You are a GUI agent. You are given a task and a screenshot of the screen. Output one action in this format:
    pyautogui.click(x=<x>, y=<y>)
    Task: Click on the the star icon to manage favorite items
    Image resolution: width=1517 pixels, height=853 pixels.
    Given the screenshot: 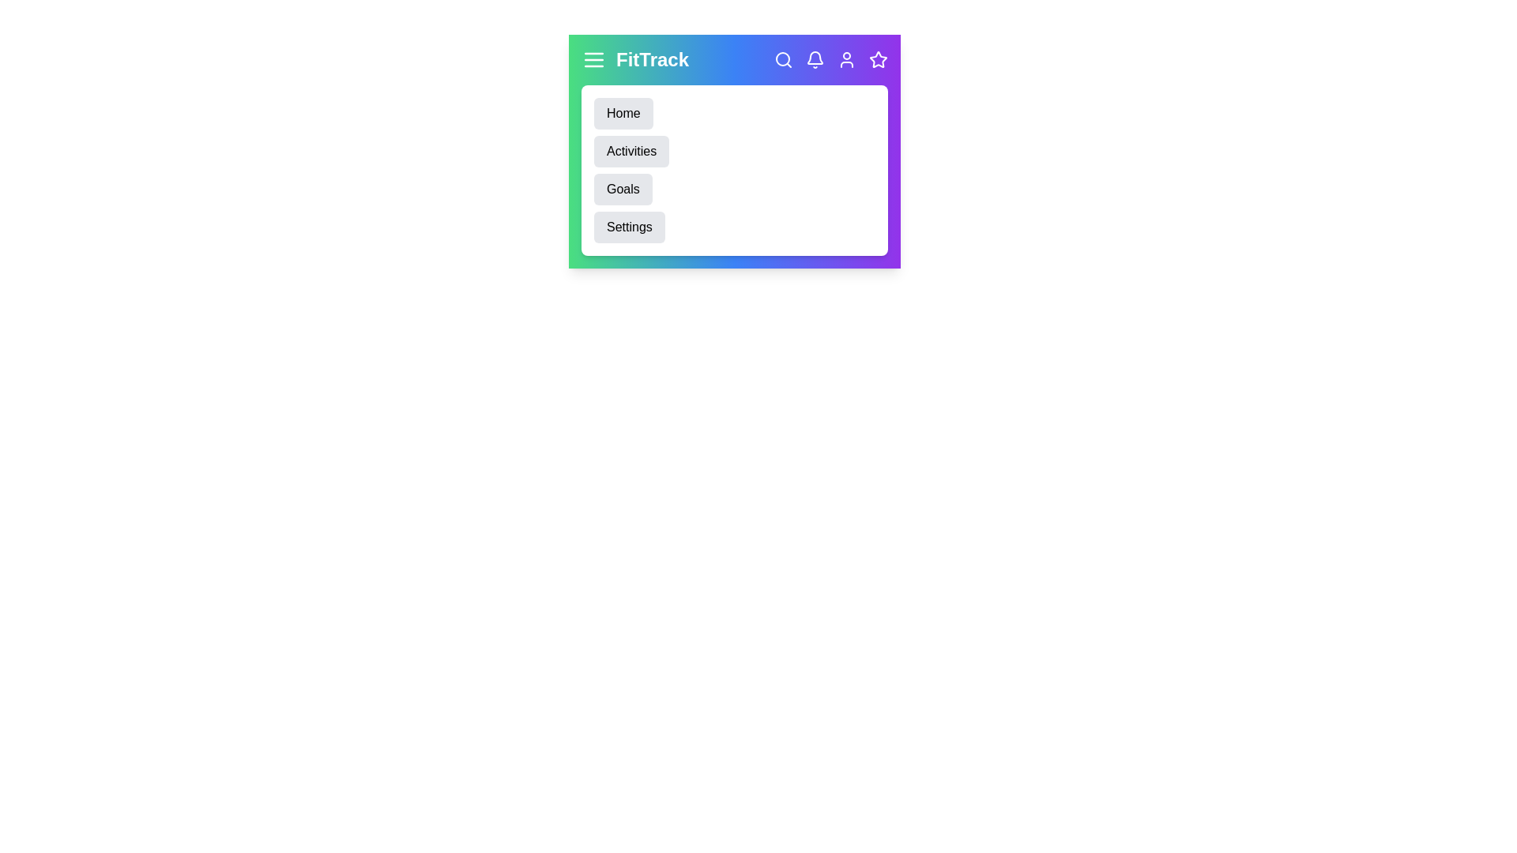 What is the action you would take?
    pyautogui.click(x=878, y=59)
    